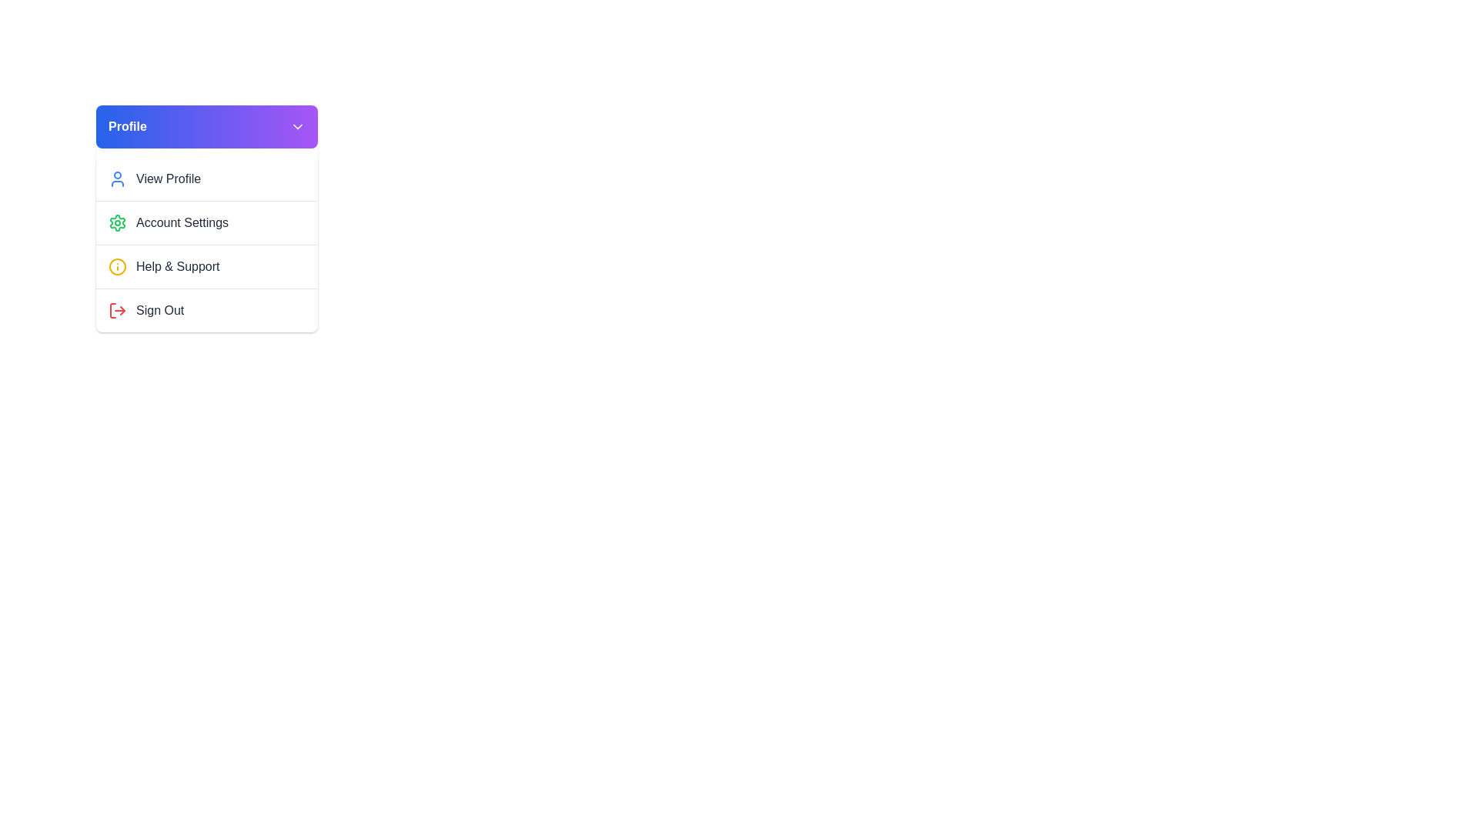 This screenshot has height=831, width=1478. What do you see at coordinates (206, 219) in the screenshot?
I see `the green gear icon button labeled 'Account Settings' to trigger the visual response` at bounding box center [206, 219].